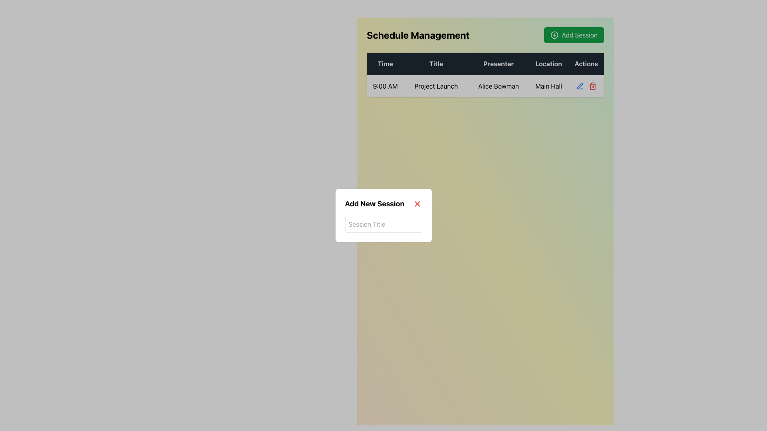 Image resolution: width=767 pixels, height=431 pixels. What do you see at coordinates (498, 86) in the screenshot?
I see `the Text Label displaying the presenter's name in the first row of the 'Presenter' column in the event schedule` at bounding box center [498, 86].